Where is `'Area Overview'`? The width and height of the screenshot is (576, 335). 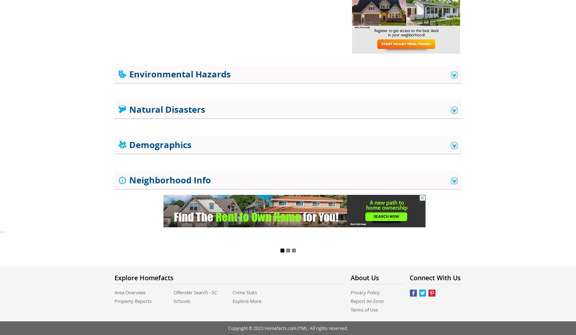 'Area Overview' is located at coordinates (114, 292).